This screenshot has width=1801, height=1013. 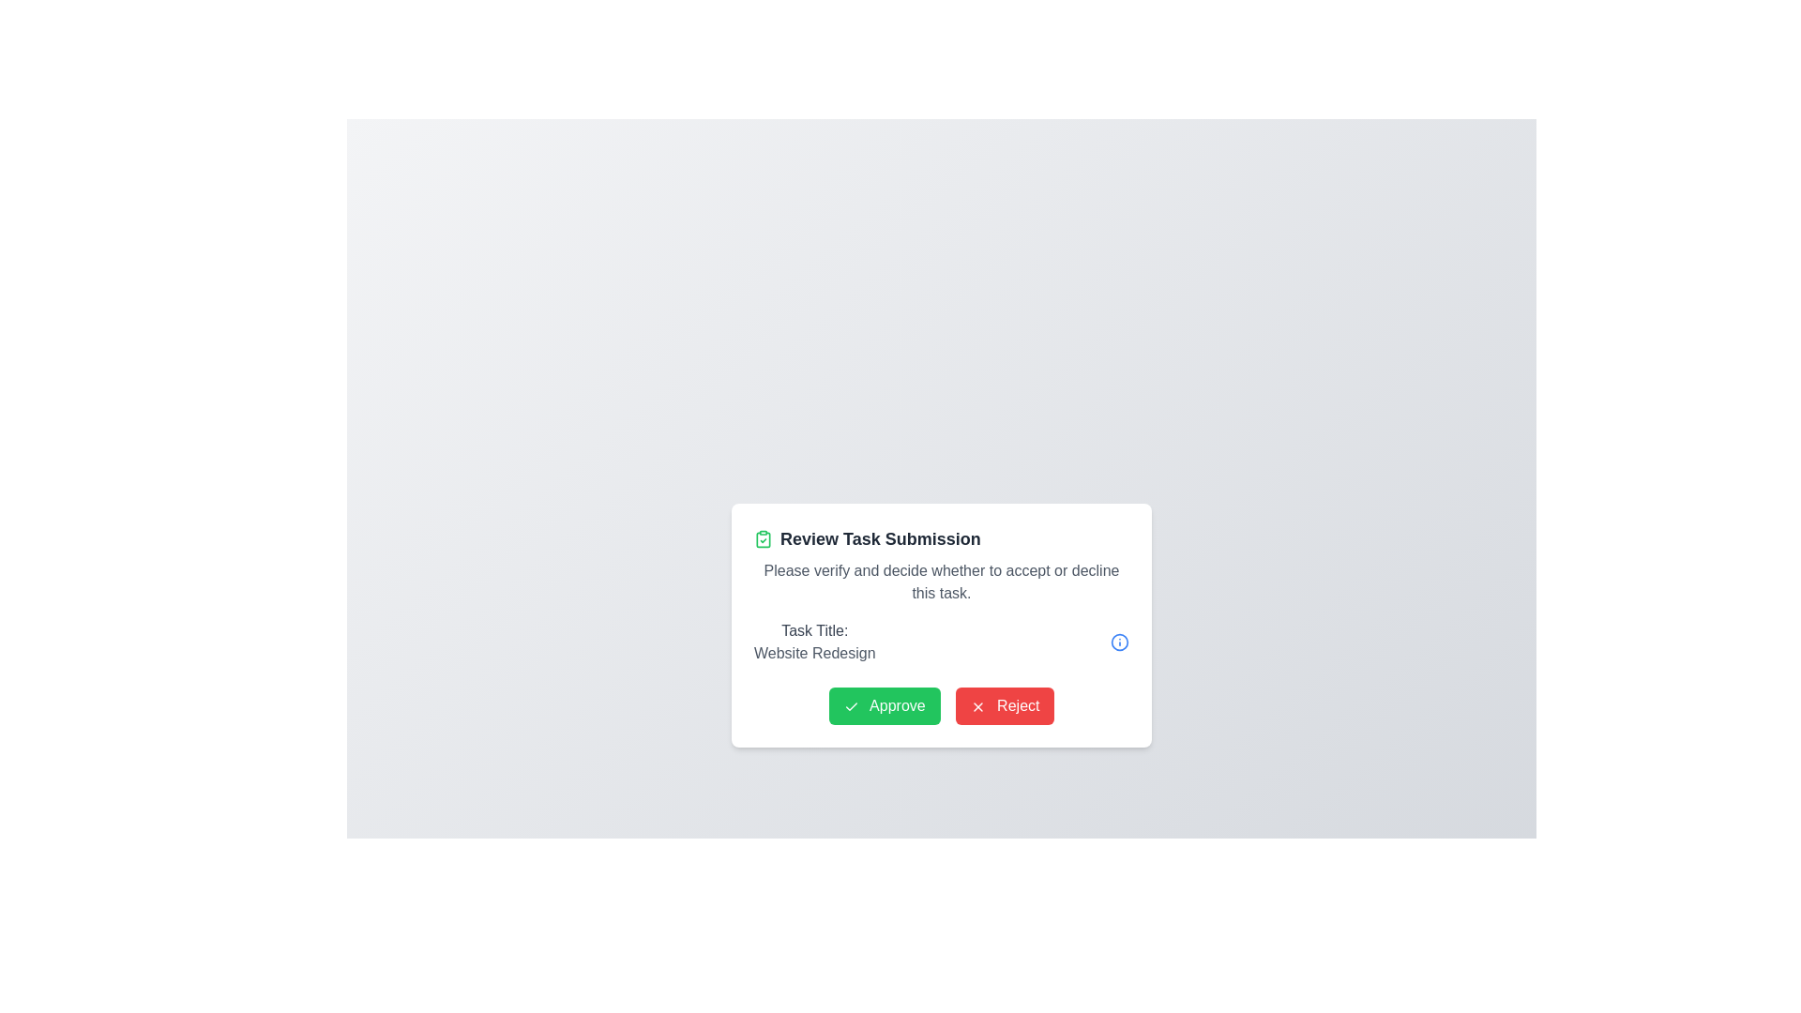 I want to click on the small green clipboard icon with a checkmark located on the left side of the title text 'Review Task Submission', so click(x=764, y=538).